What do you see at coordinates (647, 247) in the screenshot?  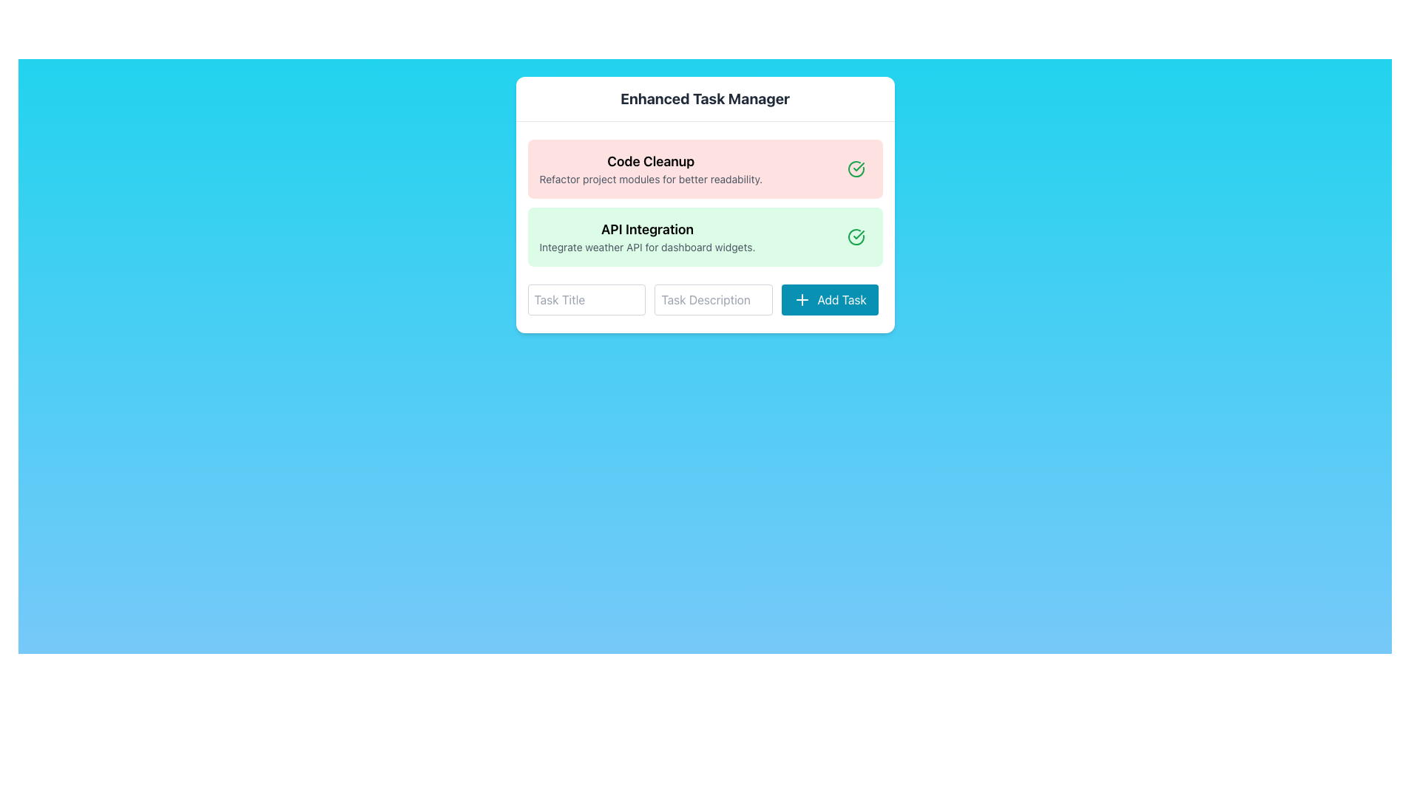 I see `the text element that describes the task 'API Integration' located under the header in the green box of the second task entry` at bounding box center [647, 247].